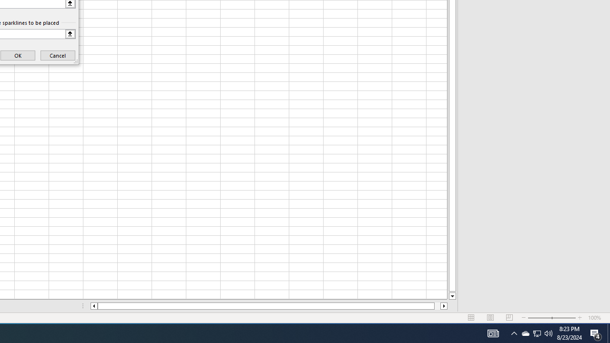 The height and width of the screenshot is (343, 610). Describe the element at coordinates (509, 318) in the screenshot. I see `'Page Break Preview'` at that location.